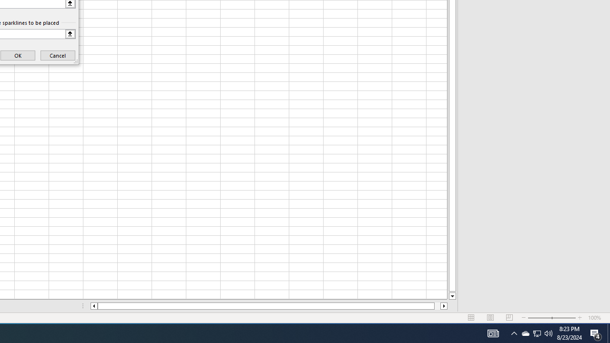 The height and width of the screenshot is (343, 610). Describe the element at coordinates (509, 318) in the screenshot. I see `'Page Break Preview'` at that location.